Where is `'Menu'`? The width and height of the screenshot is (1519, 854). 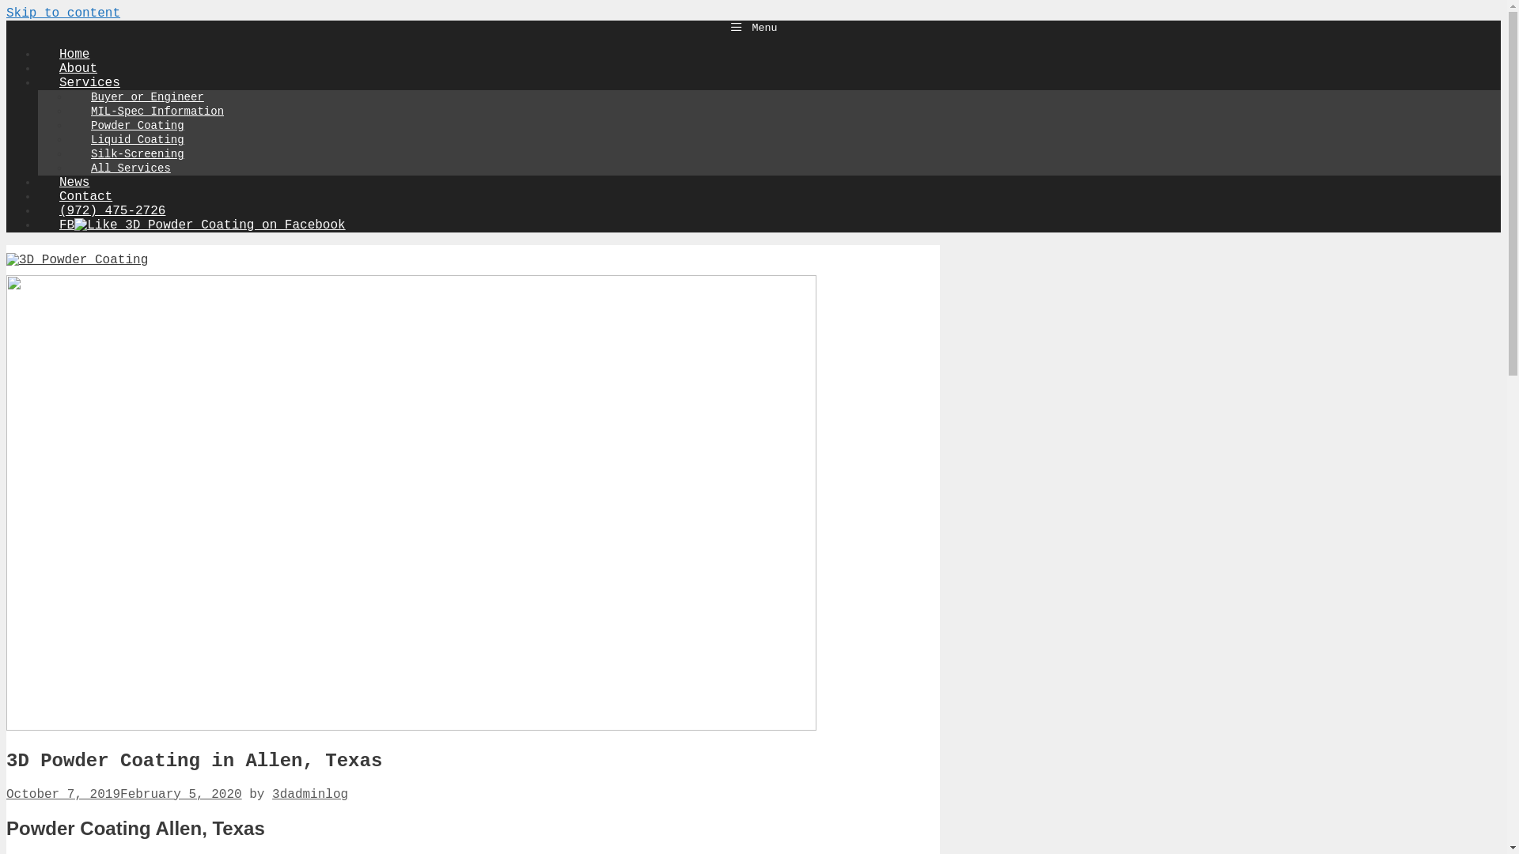
'Menu' is located at coordinates (752, 27).